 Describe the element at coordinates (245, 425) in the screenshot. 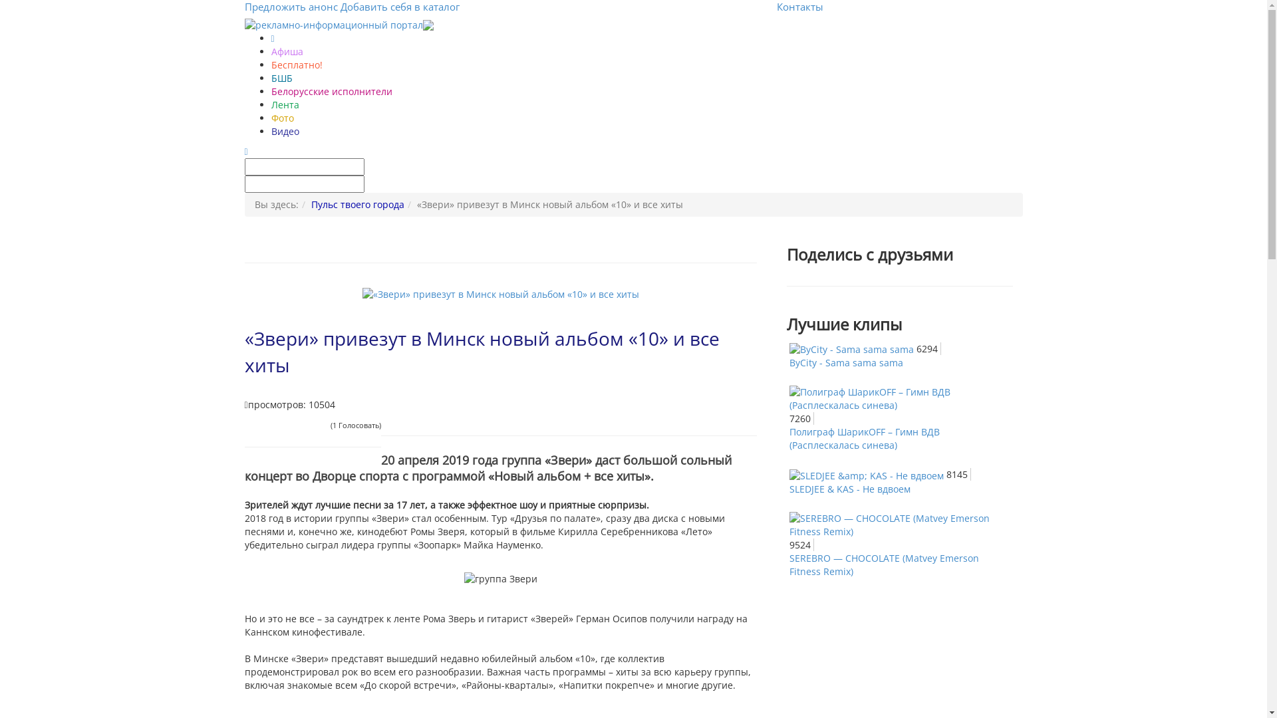

I see `'1'` at that location.